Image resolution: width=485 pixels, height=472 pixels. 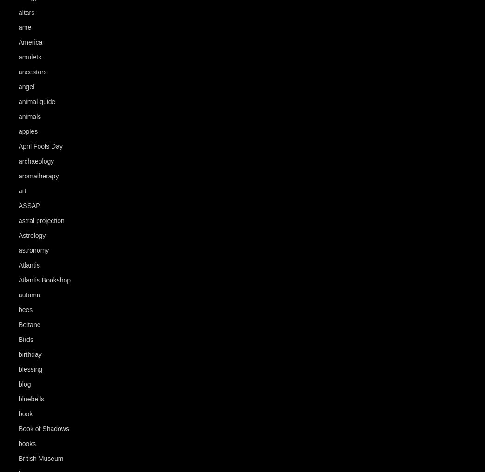 I want to click on 'Atlantis Bookshop', so click(x=18, y=280).